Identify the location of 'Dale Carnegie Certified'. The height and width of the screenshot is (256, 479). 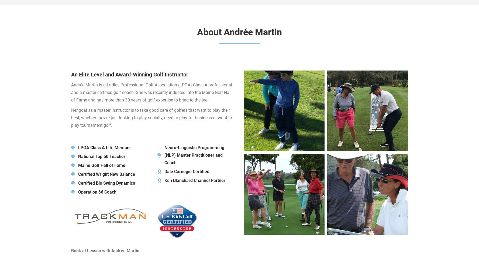
(186, 171).